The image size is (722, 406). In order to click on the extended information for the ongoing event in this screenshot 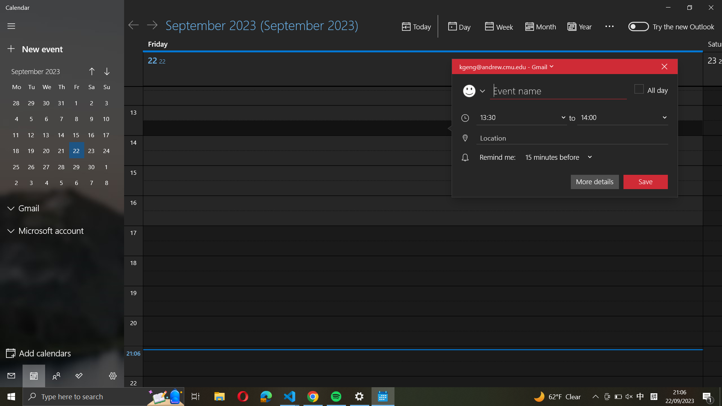, I will do `click(594, 181)`.